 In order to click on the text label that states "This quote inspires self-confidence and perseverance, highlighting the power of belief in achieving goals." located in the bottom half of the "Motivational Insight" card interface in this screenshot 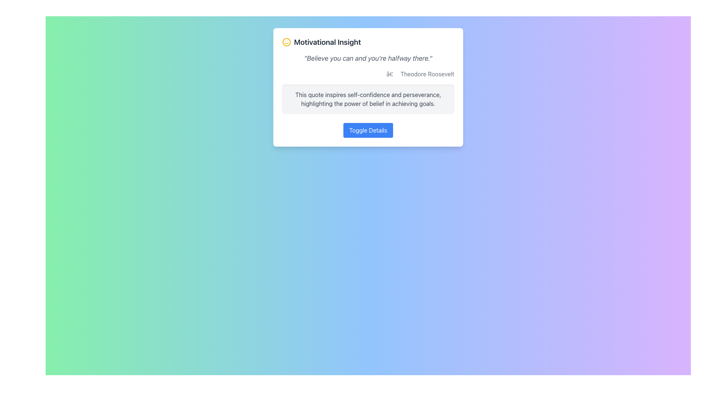, I will do `click(368, 99)`.